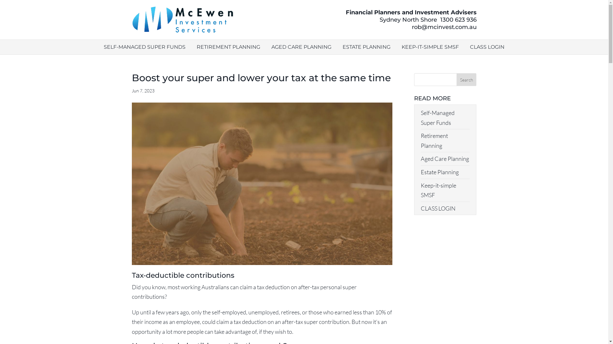  What do you see at coordinates (458, 19) in the screenshot?
I see `'1300 623 936'` at bounding box center [458, 19].